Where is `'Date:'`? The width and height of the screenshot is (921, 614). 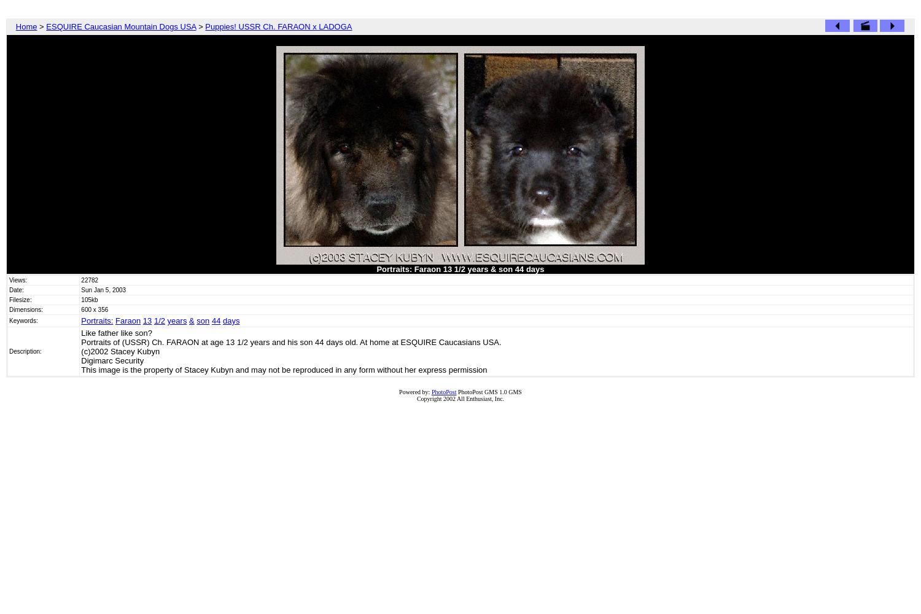
'Date:' is located at coordinates (9, 289).